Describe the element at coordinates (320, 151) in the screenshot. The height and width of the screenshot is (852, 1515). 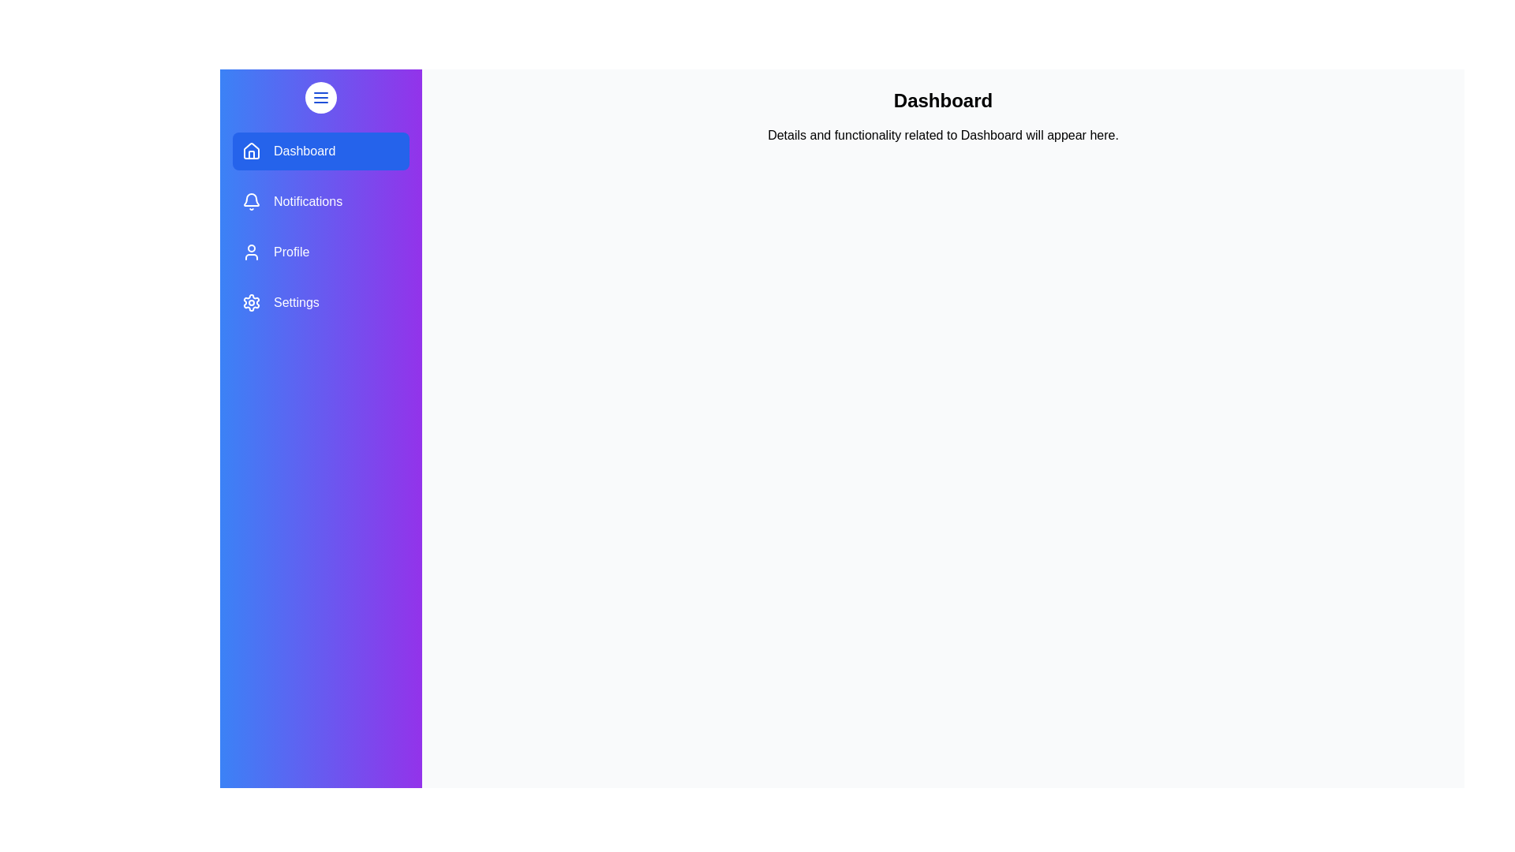
I see `the menu section Dashboard by clicking on its corresponding menu item` at that location.